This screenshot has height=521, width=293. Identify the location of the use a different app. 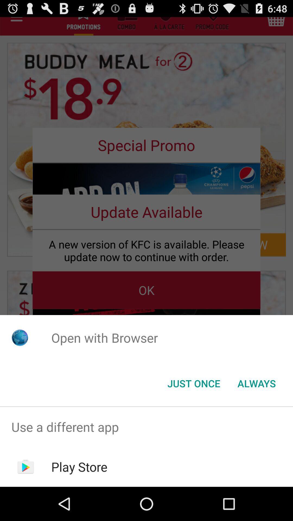
(146, 427).